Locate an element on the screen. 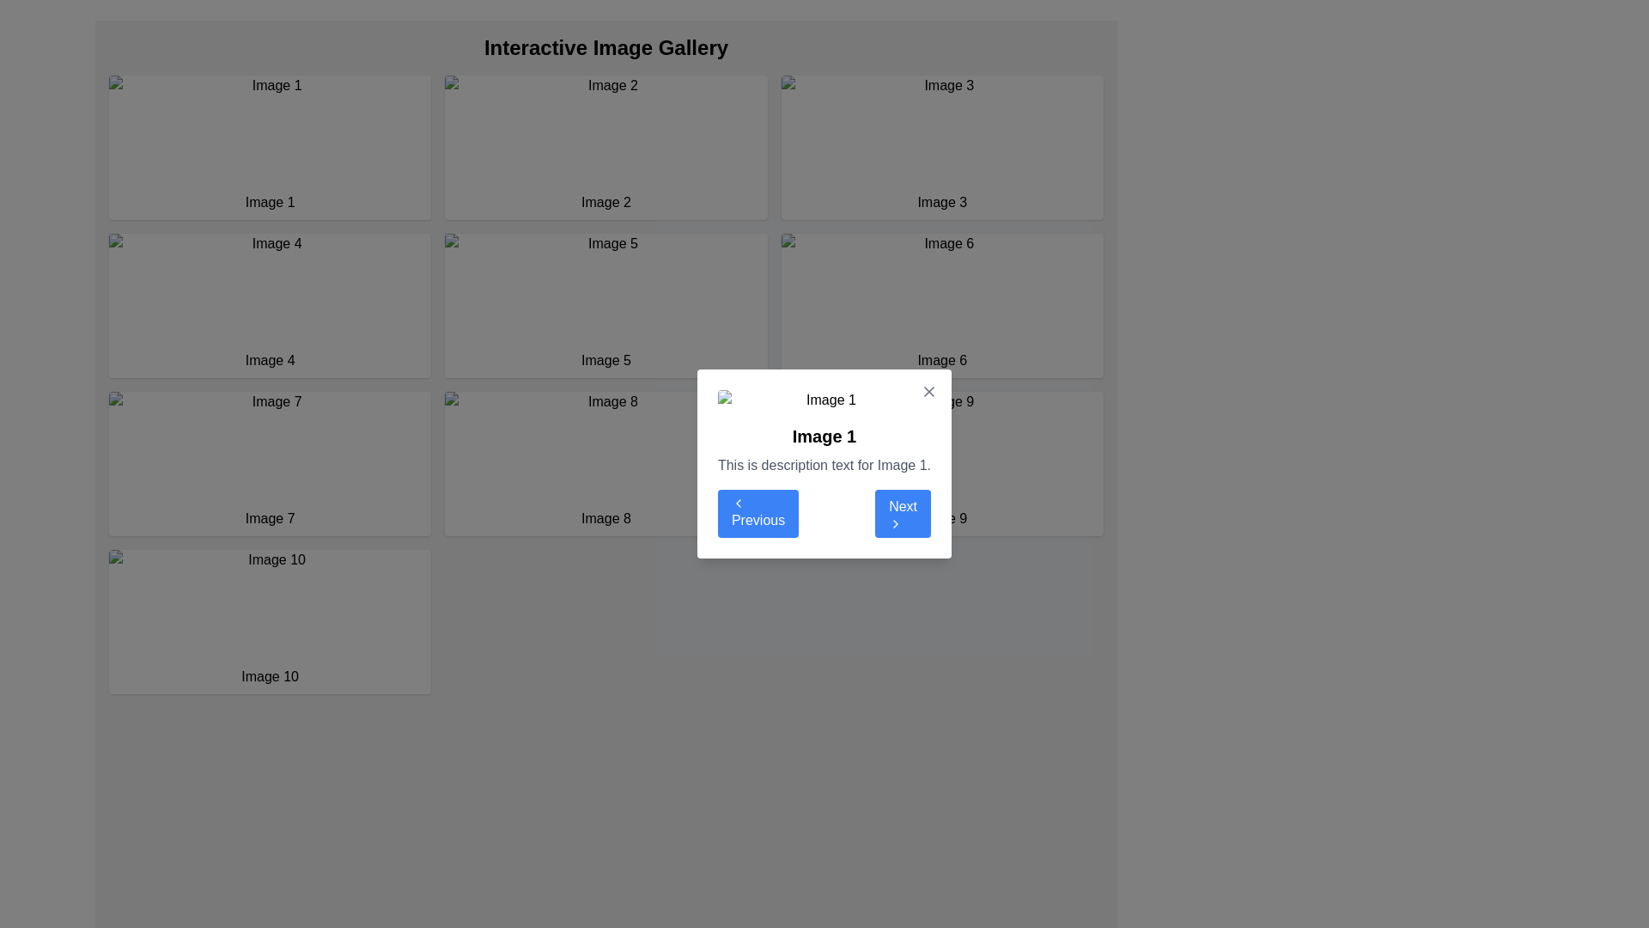 The height and width of the screenshot is (928, 1649). the static label text that describes the thumbnail image, located below the 'Image 10' thumbnail in the gallery's bottom-left corner is located at coordinates (269, 675).